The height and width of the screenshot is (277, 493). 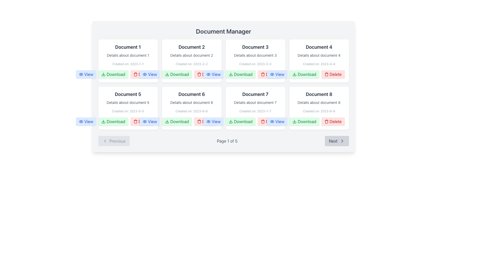 I want to click on the eye-shaped view icon within the 'View' button located below the 'Document 5' card in the document manager grid, so click(x=81, y=122).